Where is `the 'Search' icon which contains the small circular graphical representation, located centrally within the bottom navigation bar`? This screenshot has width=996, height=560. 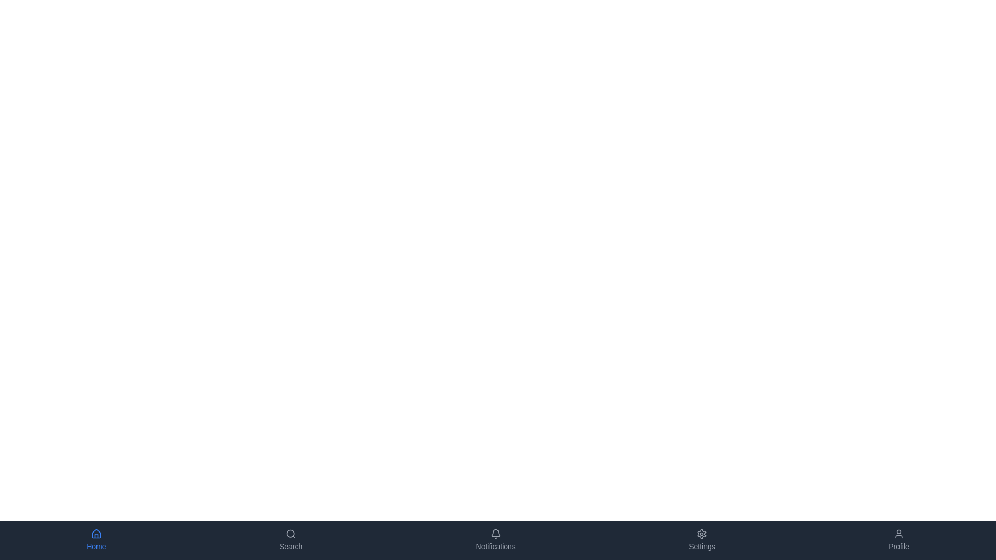
the 'Search' icon which contains the small circular graphical representation, located centrally within the bottom navigation bar is located at coordinates (290, 534).